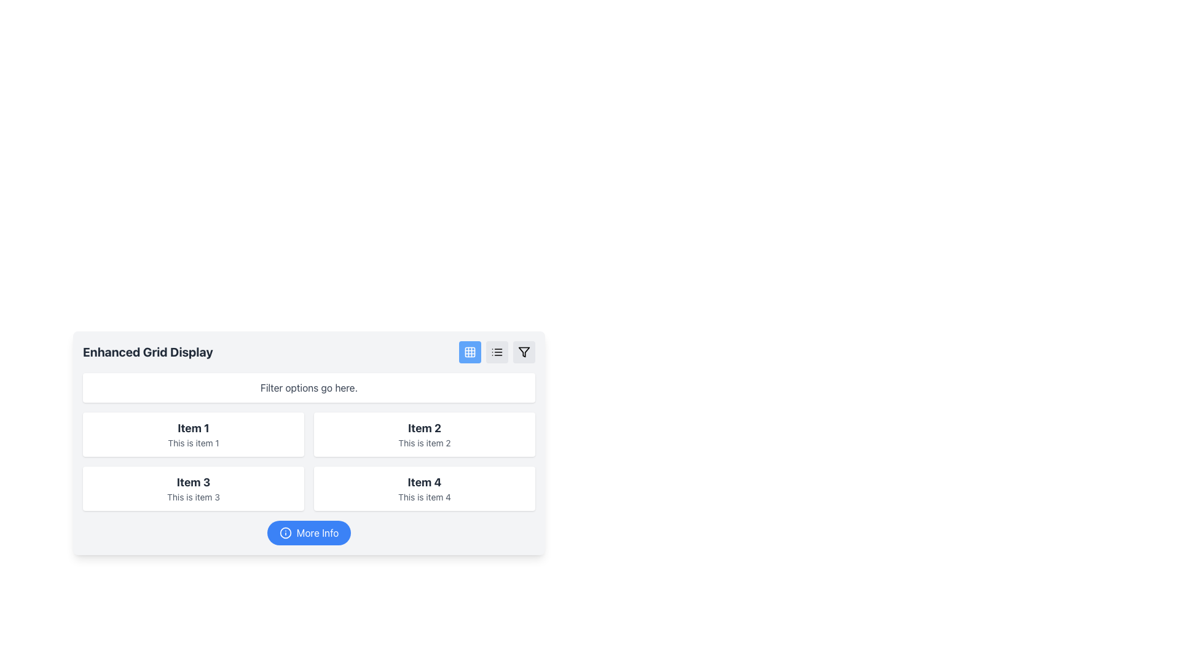 This screenshot has height=664, width=1180. What do you see at coordinates (497, 352) in the screenshot?
I see `the rounded rectangular button with a gray background and a black list layout icon, located in the toolbar above the grid display area` at bounding box center [497, 352].